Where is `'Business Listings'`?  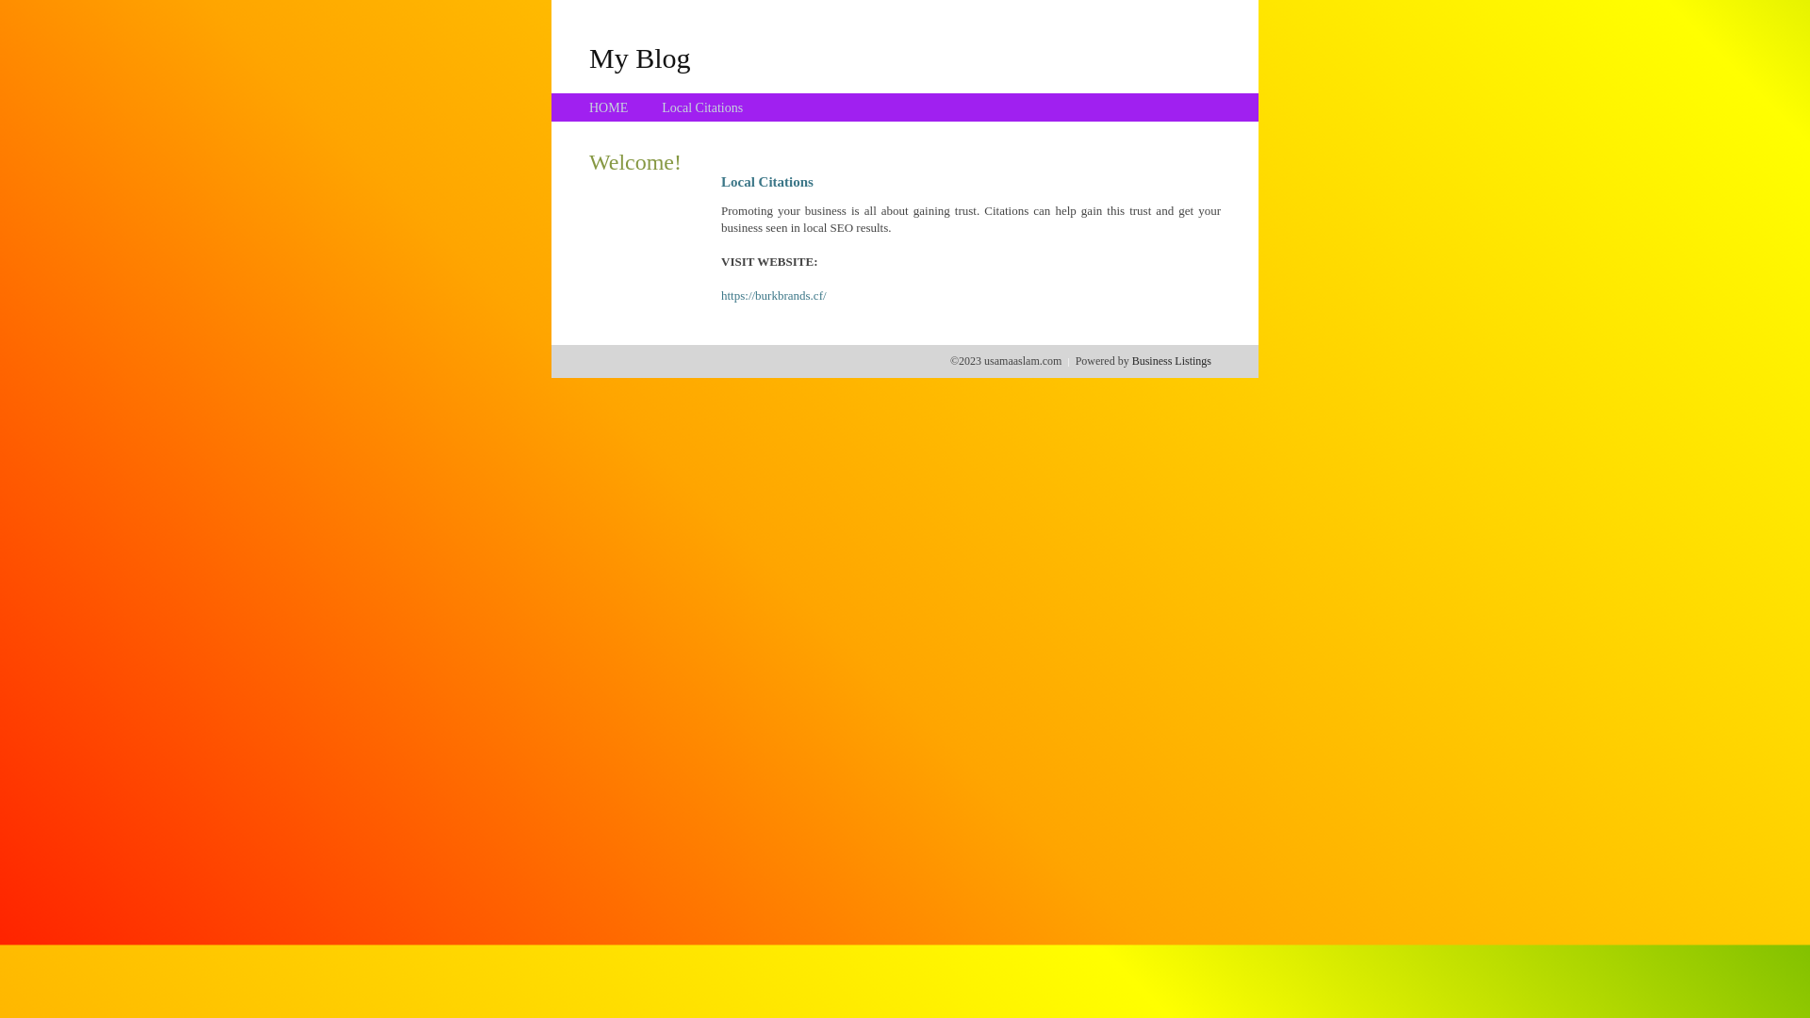 'Business Listings' is located at coordinates (1171, 360).